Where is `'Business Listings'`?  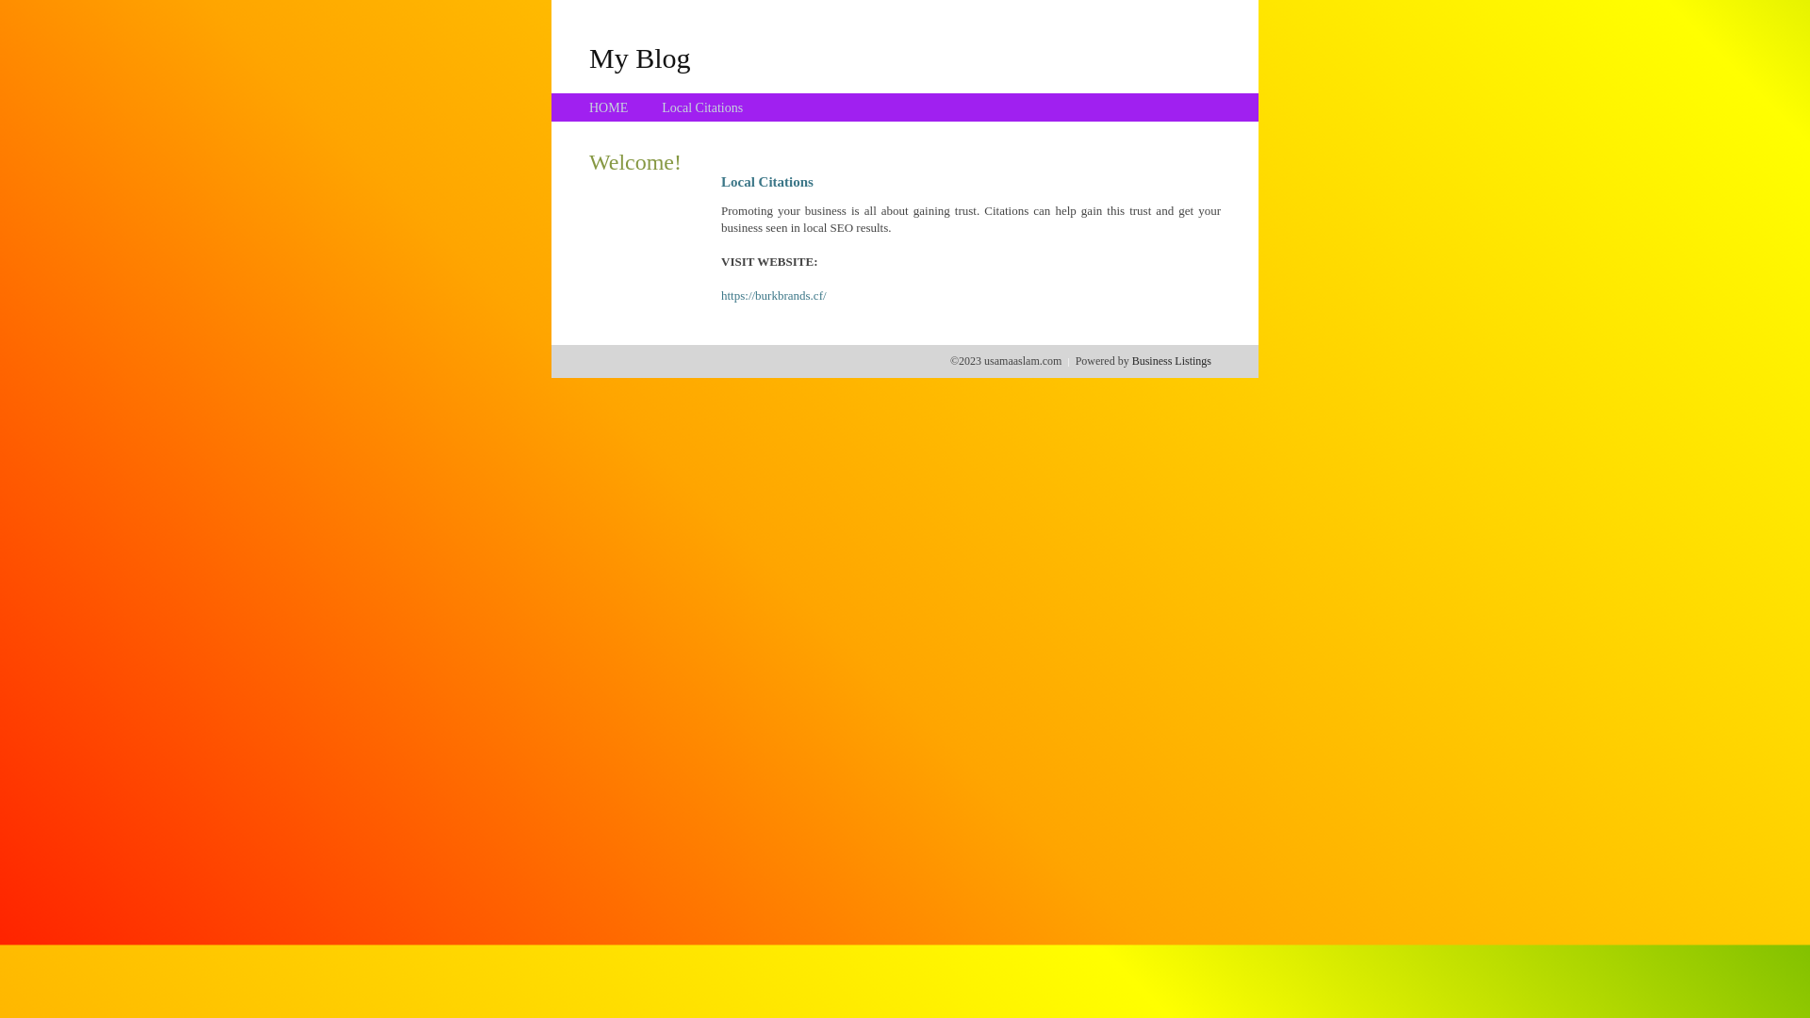 'Business Listings' is located at coordinates (1171, 360).